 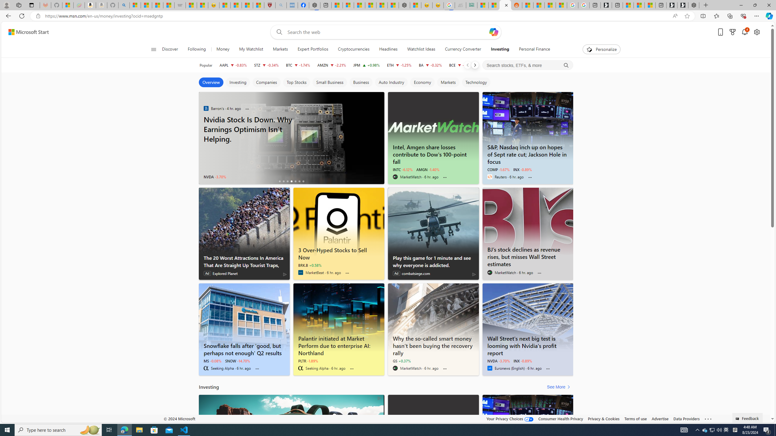 What do you see at coordinates (606, 5) in the screenshot?
I see `'Microsoft Start Gaming'` at bounding box center [606, 5].